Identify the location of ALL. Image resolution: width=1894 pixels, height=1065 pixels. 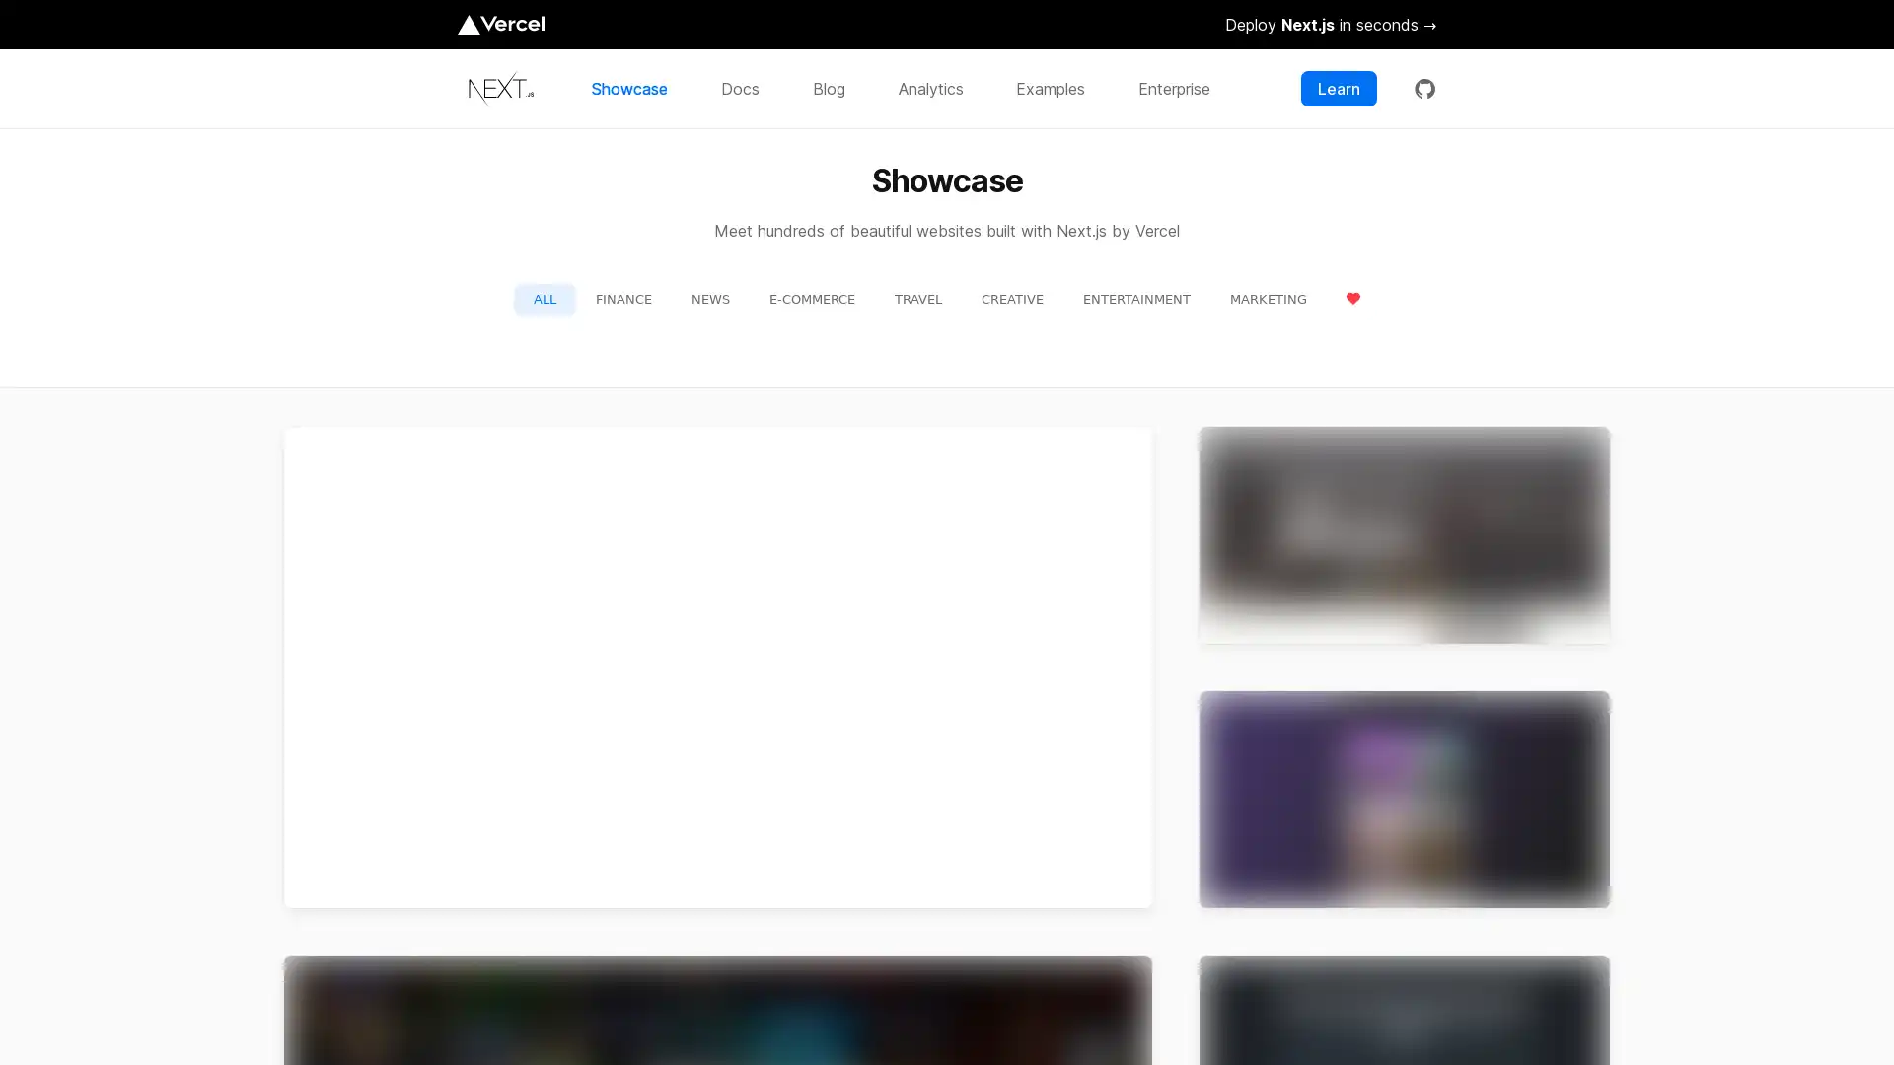
(545, 299).